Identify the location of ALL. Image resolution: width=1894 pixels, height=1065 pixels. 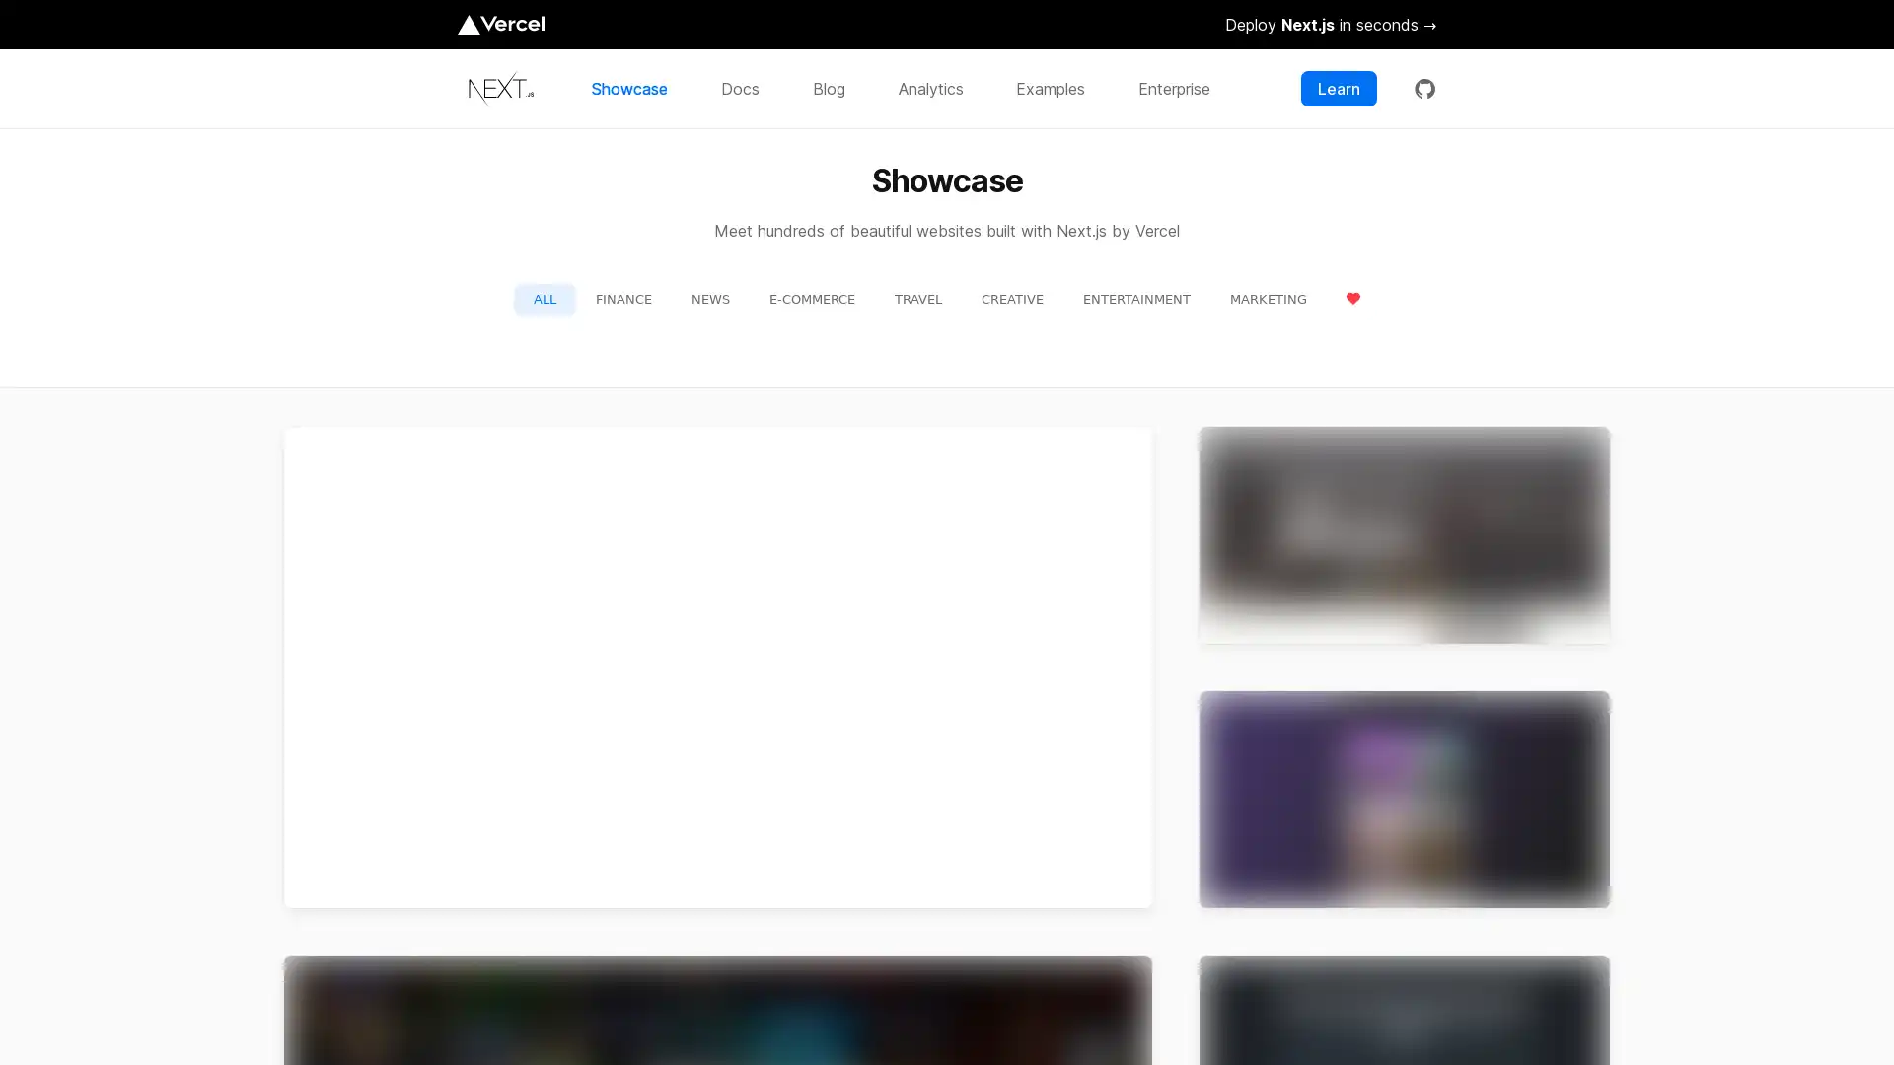
(545, 299).